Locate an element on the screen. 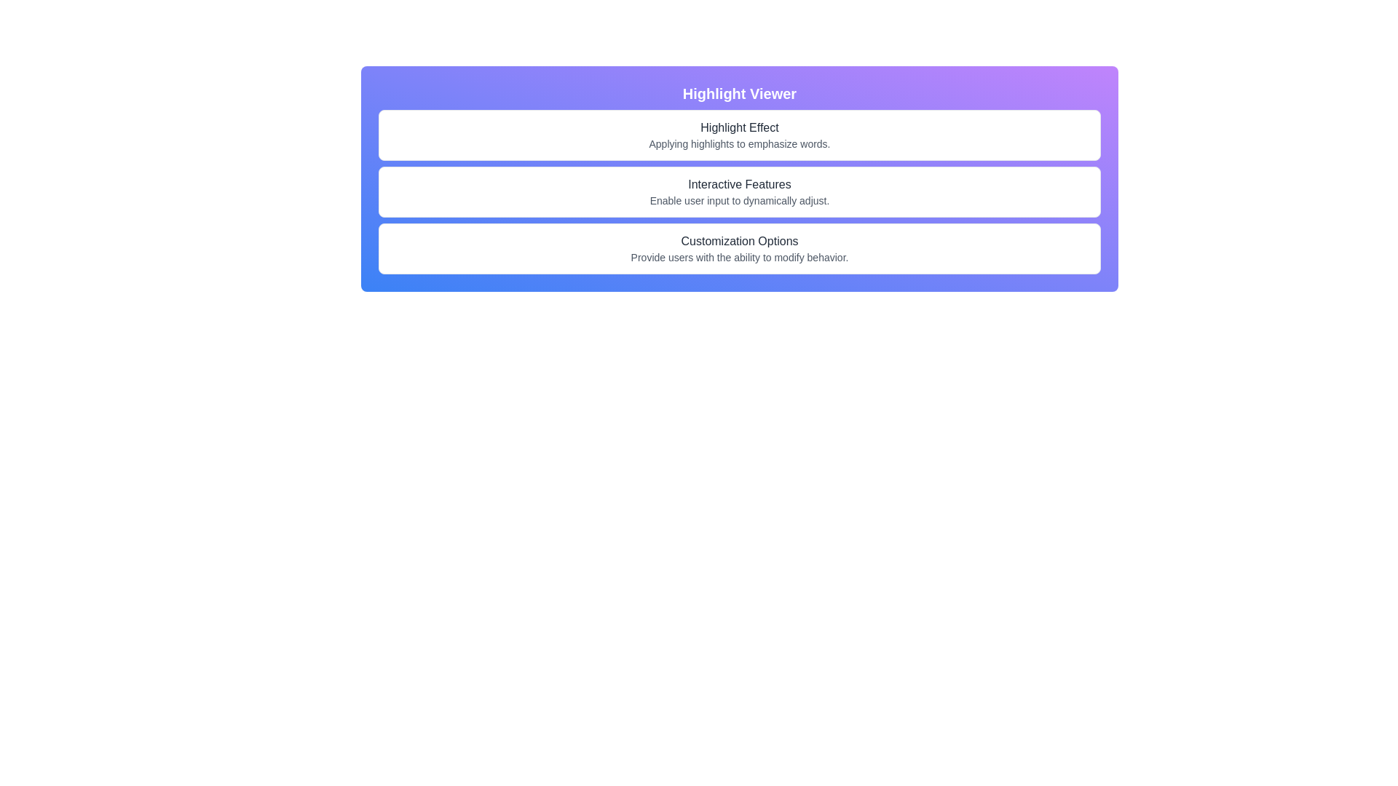 This screenshot has height=786, width=1398. the text card labeled 'Interactive Features' that informs users about dynamic settings adjustment, located between 'Highlight Effect' and 'Customization Options' within the 'Highlight Viewer' section is located at coordinates (740, 191).